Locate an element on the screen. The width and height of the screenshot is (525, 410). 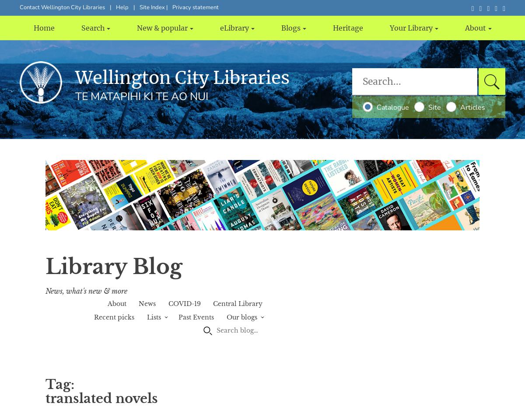
'Search' is located at coordinates (92, 27).